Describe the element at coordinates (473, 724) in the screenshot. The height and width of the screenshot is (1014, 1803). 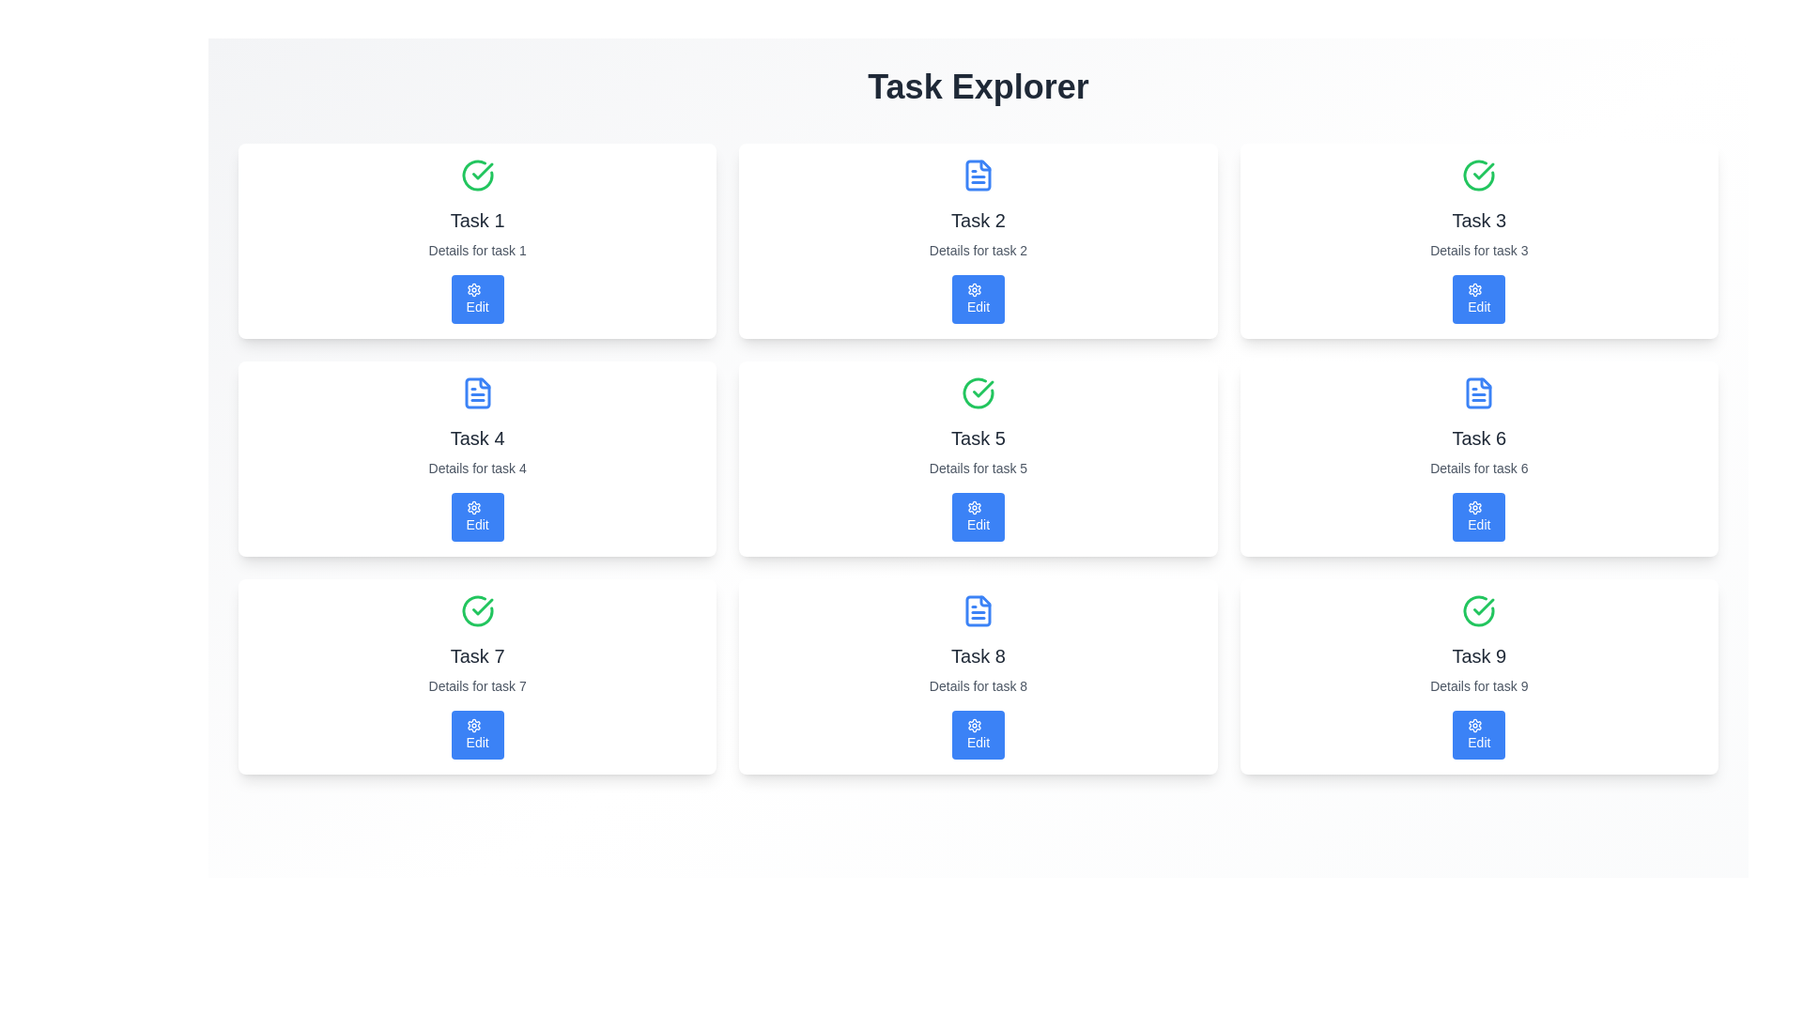
I see `the Decorative vector icon within the cogwheel icon above the 'Edit' button for Task 7 in the Task Explorer interface if it is interactive` at that location.